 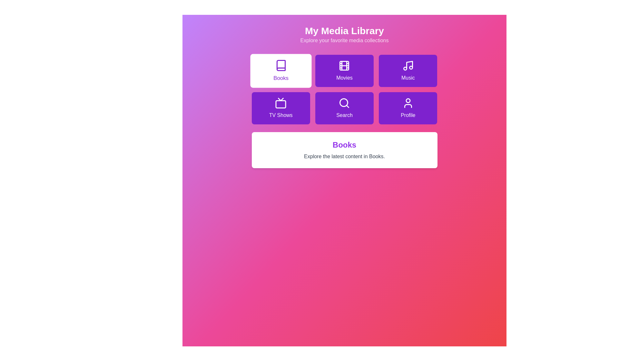 I want to click on the 'Books' category vector icon located in the upper left section of the categories grid, which visually represents the 'Books' category in the media library, so click(x=281, y=65).